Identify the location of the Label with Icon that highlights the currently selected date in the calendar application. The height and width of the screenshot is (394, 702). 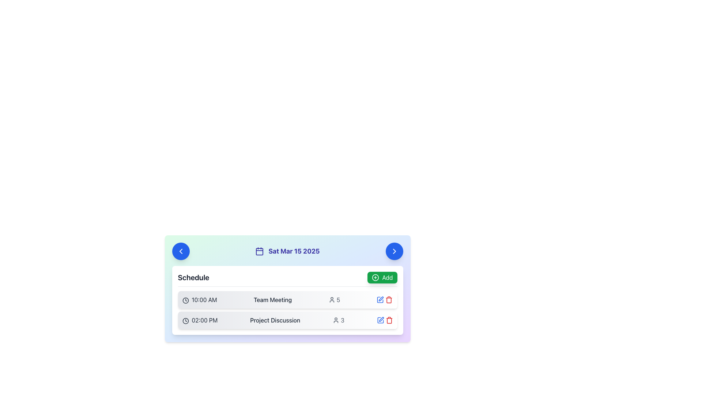
(287, 251).